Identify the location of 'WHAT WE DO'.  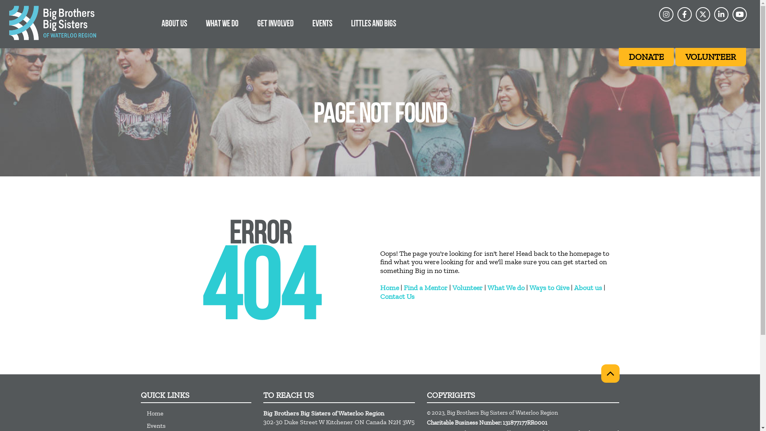
(222, 23).